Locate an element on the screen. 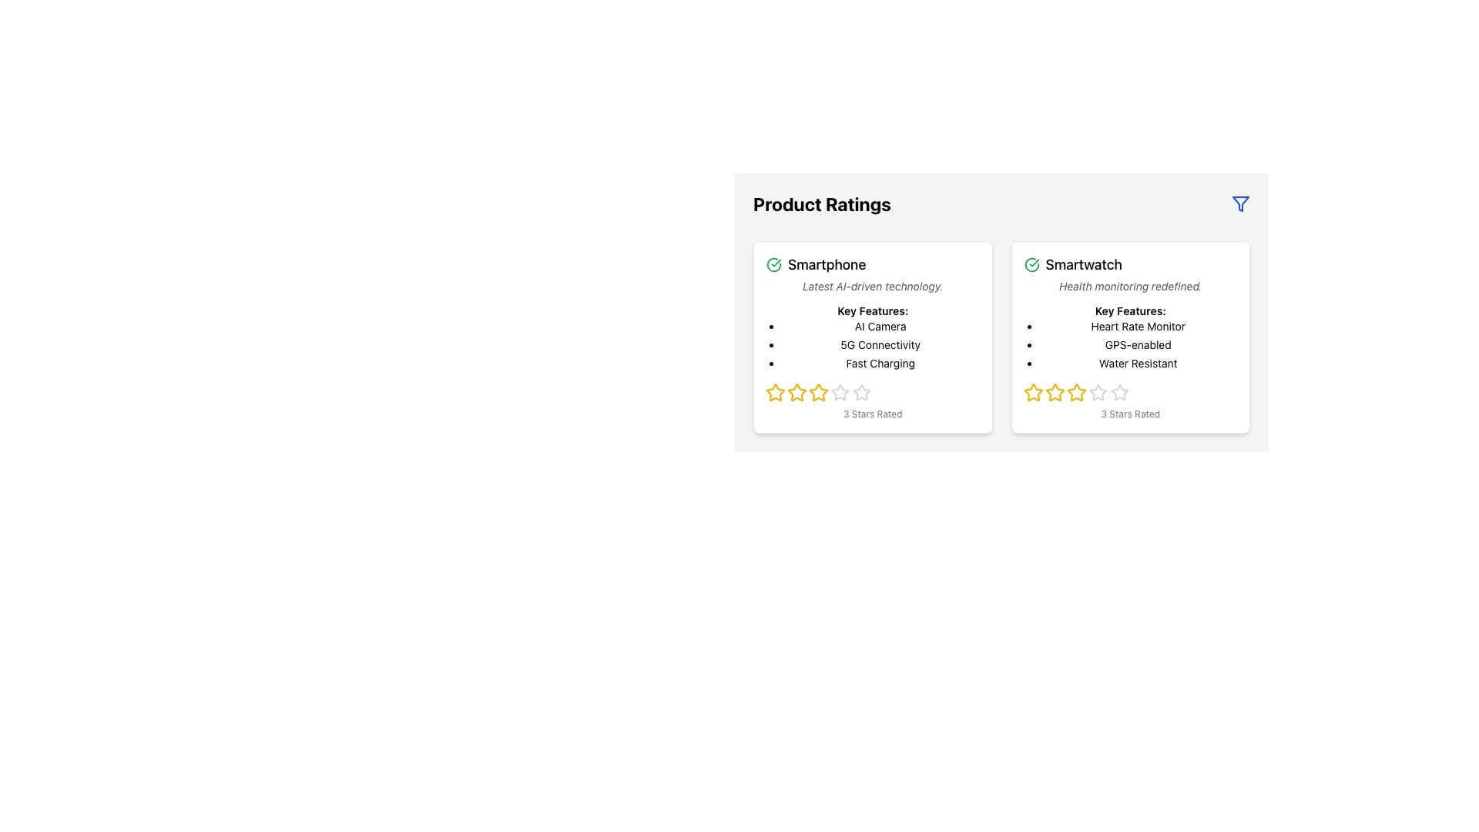  the bullet-point list located below the 'Key Features:' label in the 'Smartphone' product card is located at coordinates (880, 344).